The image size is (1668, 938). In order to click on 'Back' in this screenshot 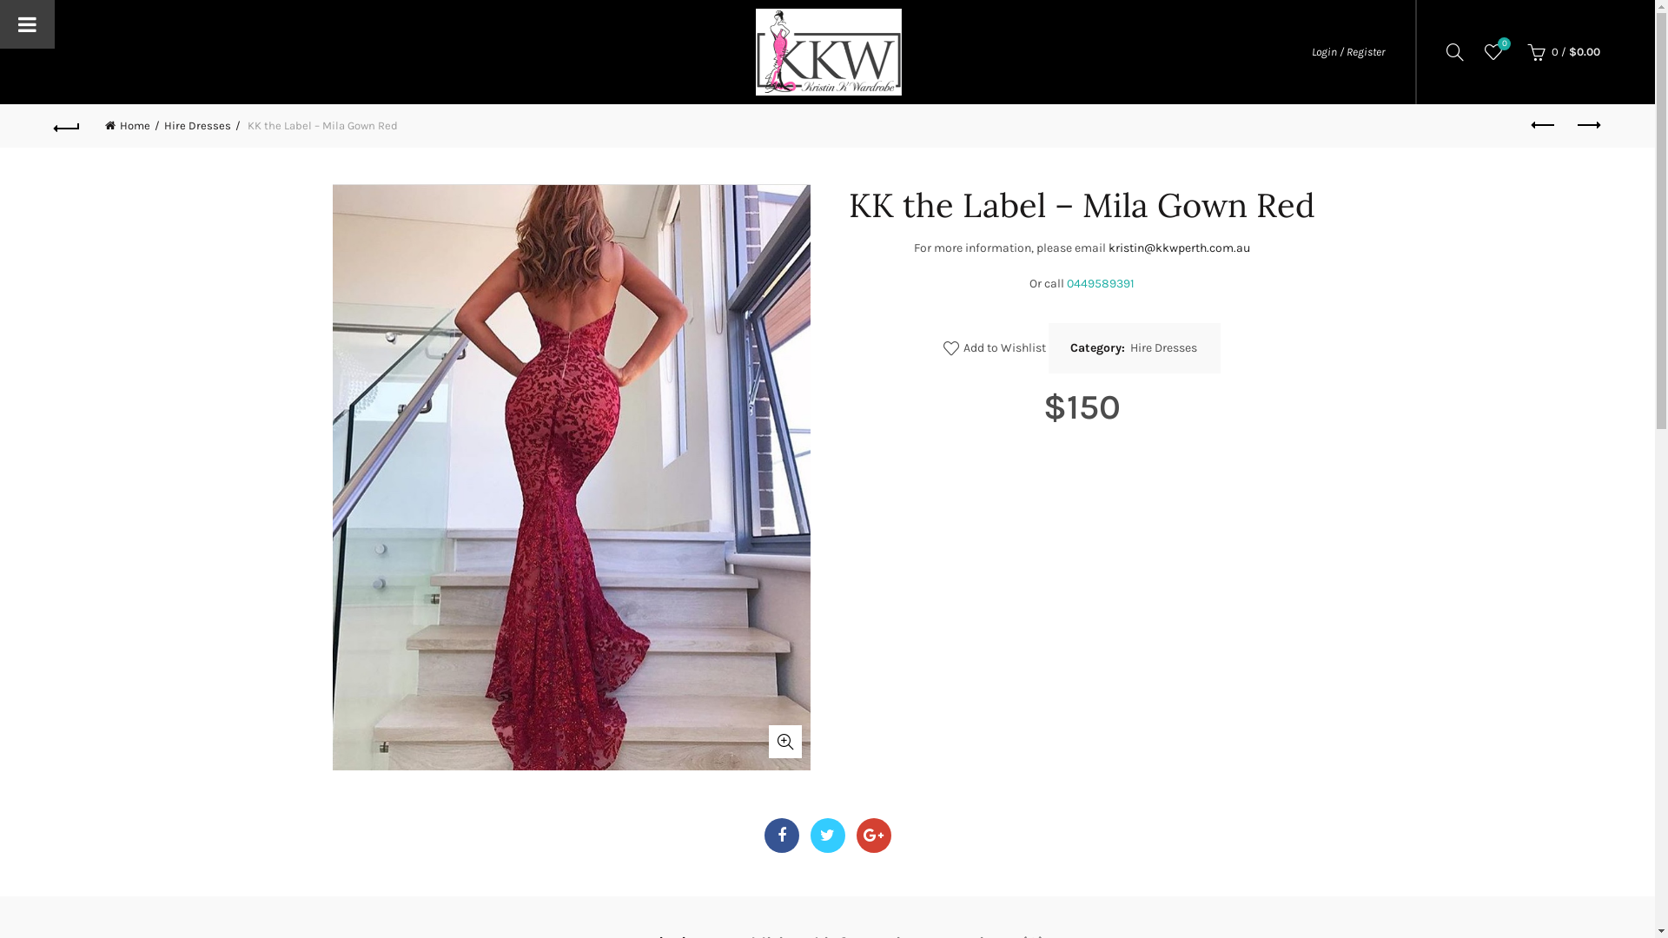, I will do `click(67, 125)`.